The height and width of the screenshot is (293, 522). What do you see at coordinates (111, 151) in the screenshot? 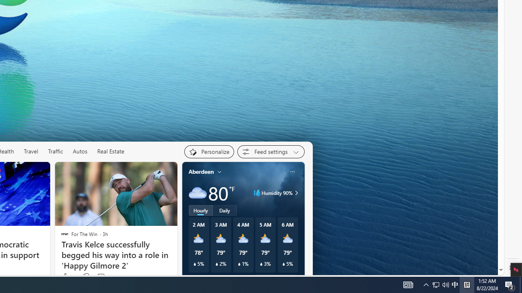
I see `'Real Estate'` at bounding box center [111, 151].